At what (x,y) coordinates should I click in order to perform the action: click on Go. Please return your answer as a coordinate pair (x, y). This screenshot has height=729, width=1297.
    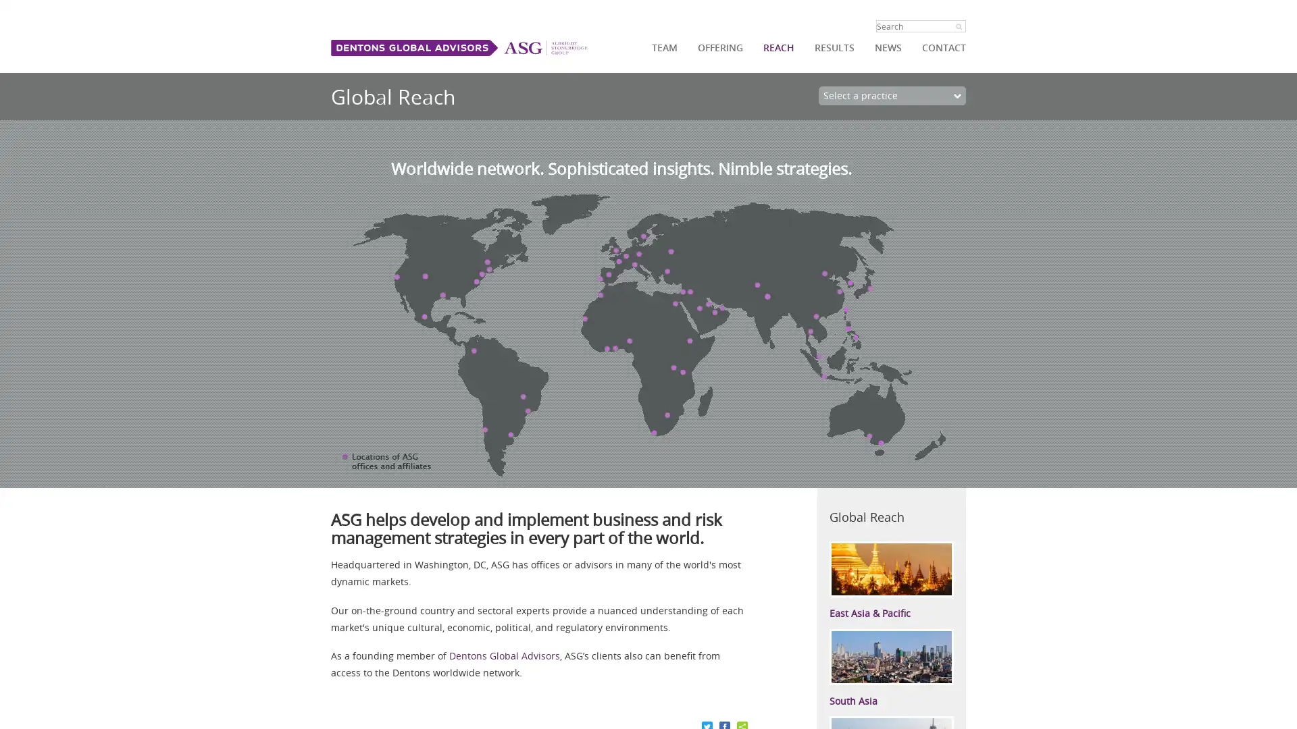
    Looking at the image, I should click on (829, 113).